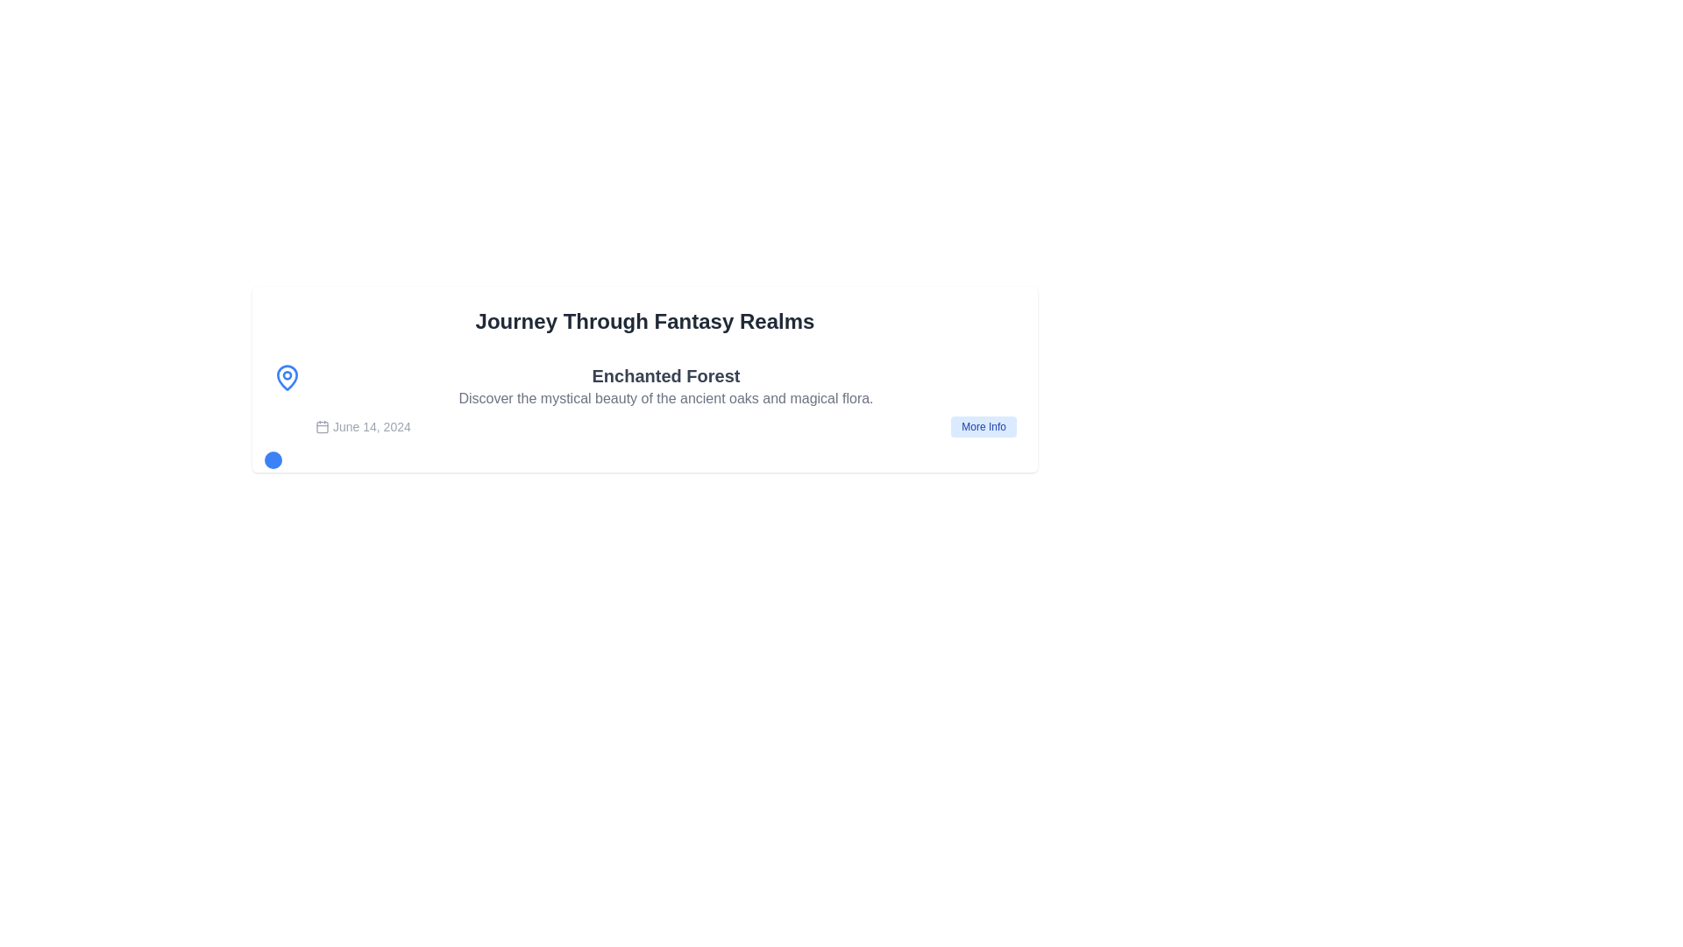 Image resolution: width=1683 pixels, height=947 pixels. Describe the element at coordinates (664, 400) in the screenshot. I see `title and description of the content summary block for 'Enchanted Forest' located beneath the main title 'Journey Through Fantasy Realms'` at that location.